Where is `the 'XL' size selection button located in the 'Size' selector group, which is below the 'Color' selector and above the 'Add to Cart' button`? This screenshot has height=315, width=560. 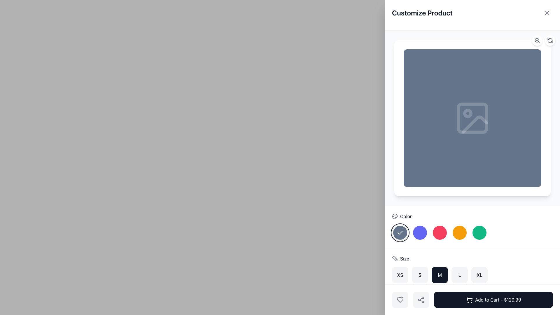 the 'XL' size selection button located in the 'Size' selector group, which is below the 'Color' selector and above the 'Add to Cart' button is located at coordinates (479, 275).